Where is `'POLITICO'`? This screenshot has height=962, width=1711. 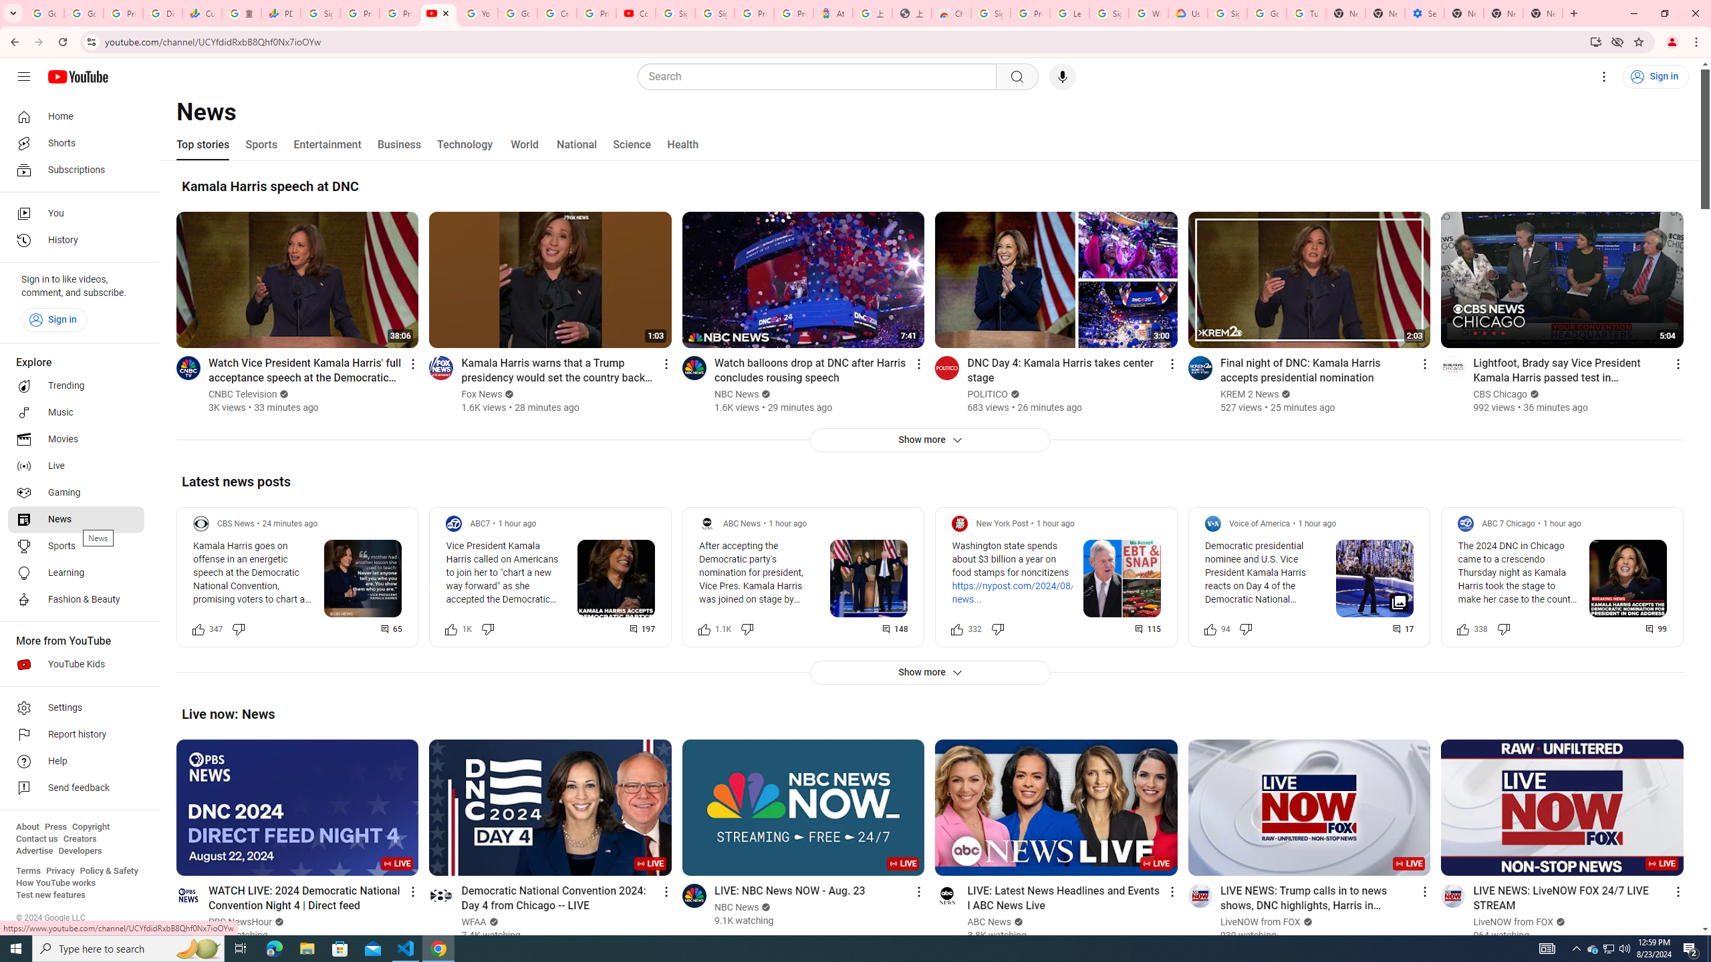 'POLITICO' is located at coordinates (987, 393).